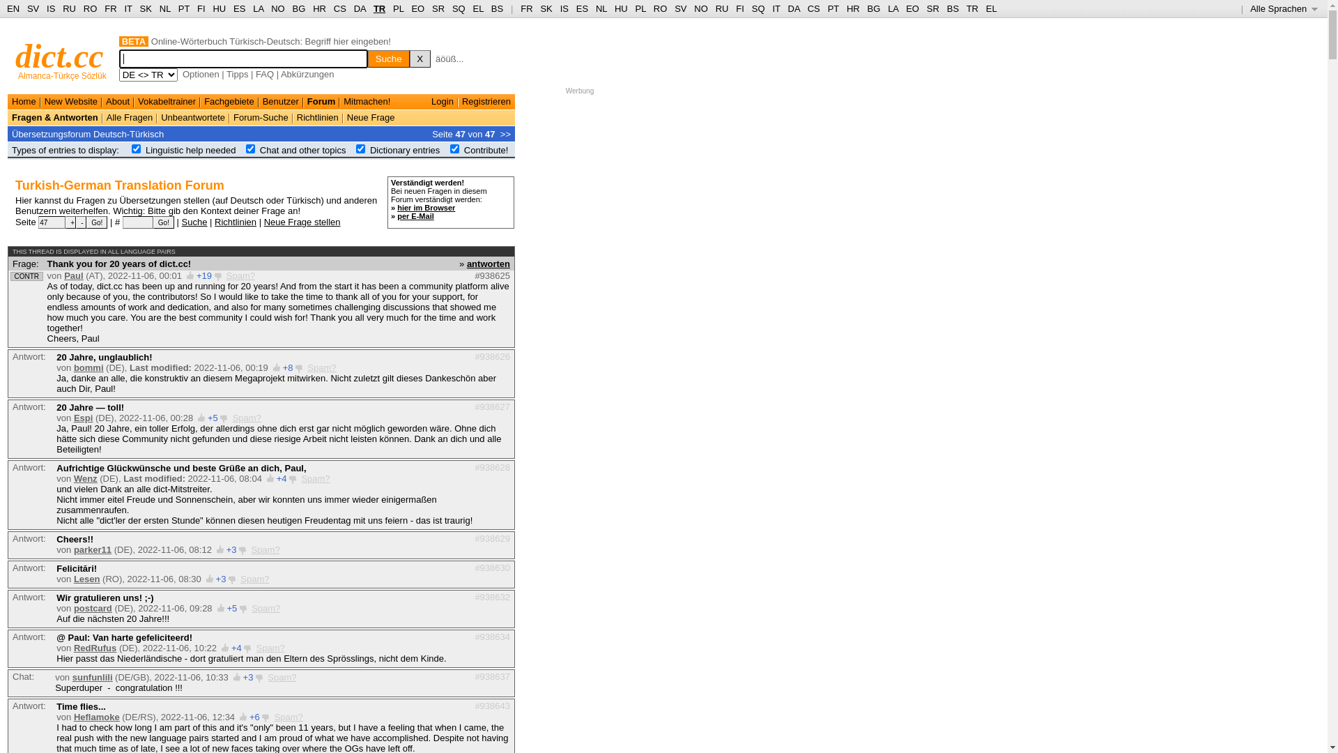 This screenshot has height=753, width=1338. What do you see at coordinates (492, 567) in the screenshot?
I see `'#938630'` at bounding box center [492, 567].